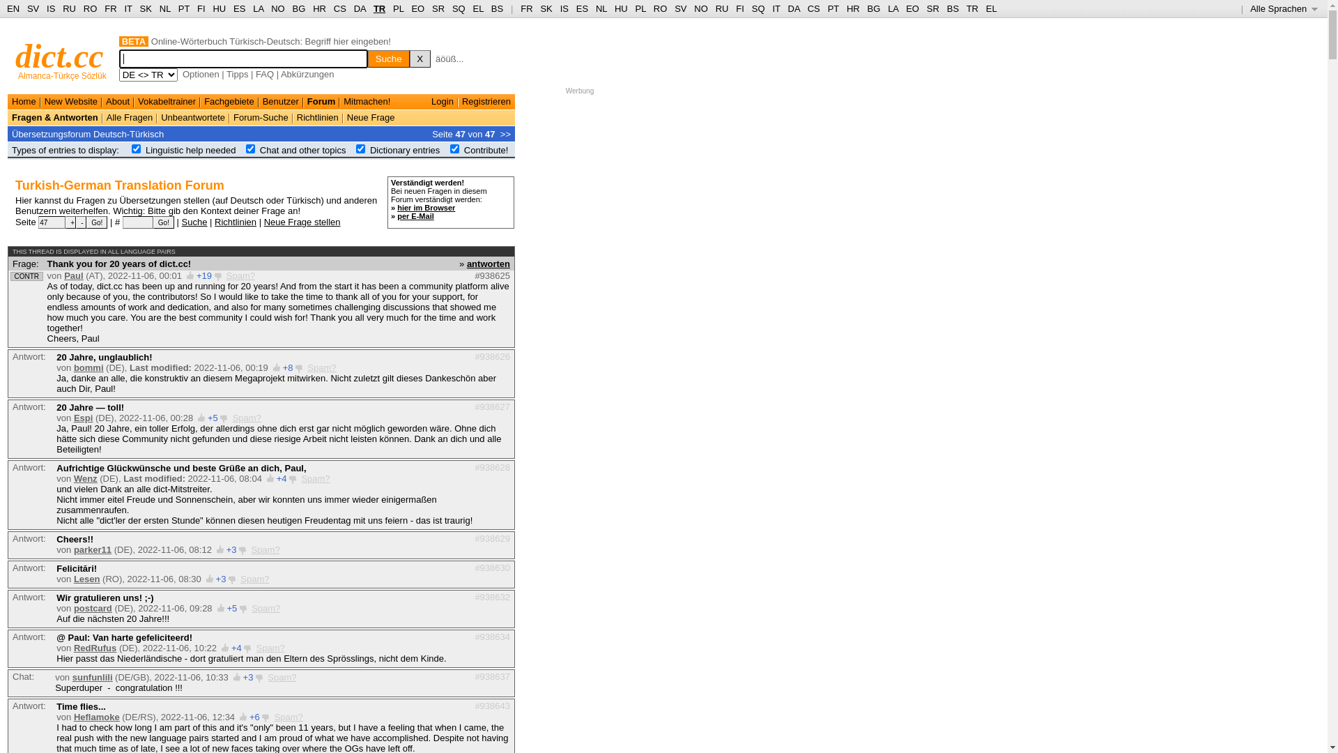 This screenshot has height=753, width=1338. What do you see at coordinates (492, 567) in the screenshot?
I see `'#938630'` at bounding box center [492, 567].